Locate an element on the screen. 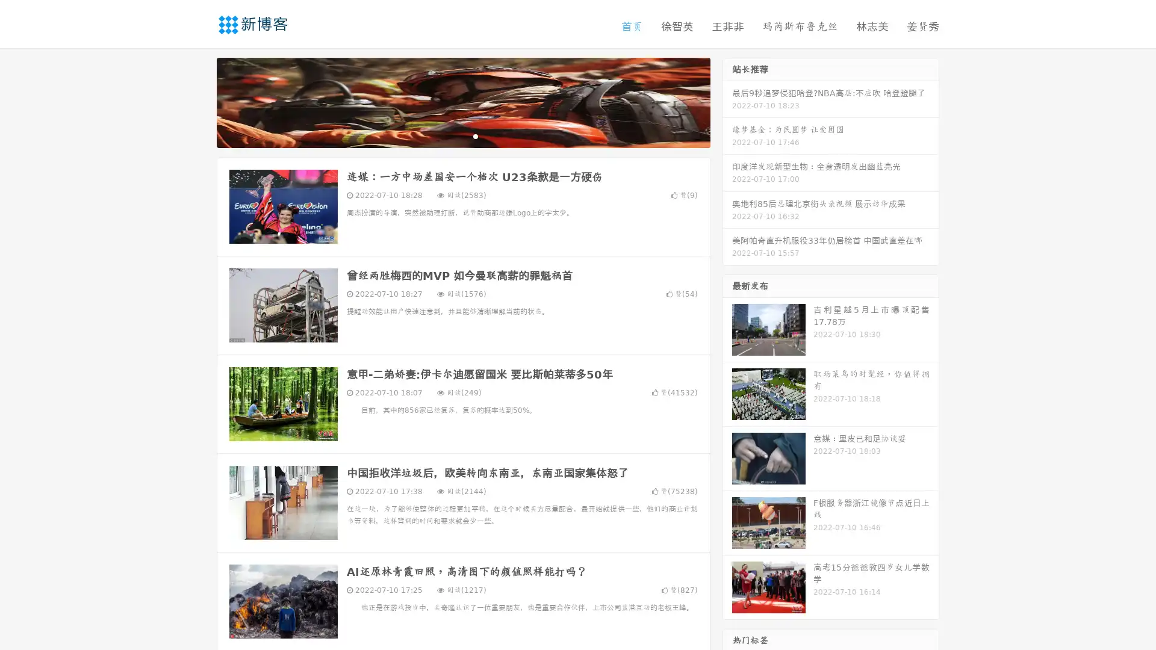 This screenshot has height=650, width=1156. Previous slide is located at coordinates (199, 101).